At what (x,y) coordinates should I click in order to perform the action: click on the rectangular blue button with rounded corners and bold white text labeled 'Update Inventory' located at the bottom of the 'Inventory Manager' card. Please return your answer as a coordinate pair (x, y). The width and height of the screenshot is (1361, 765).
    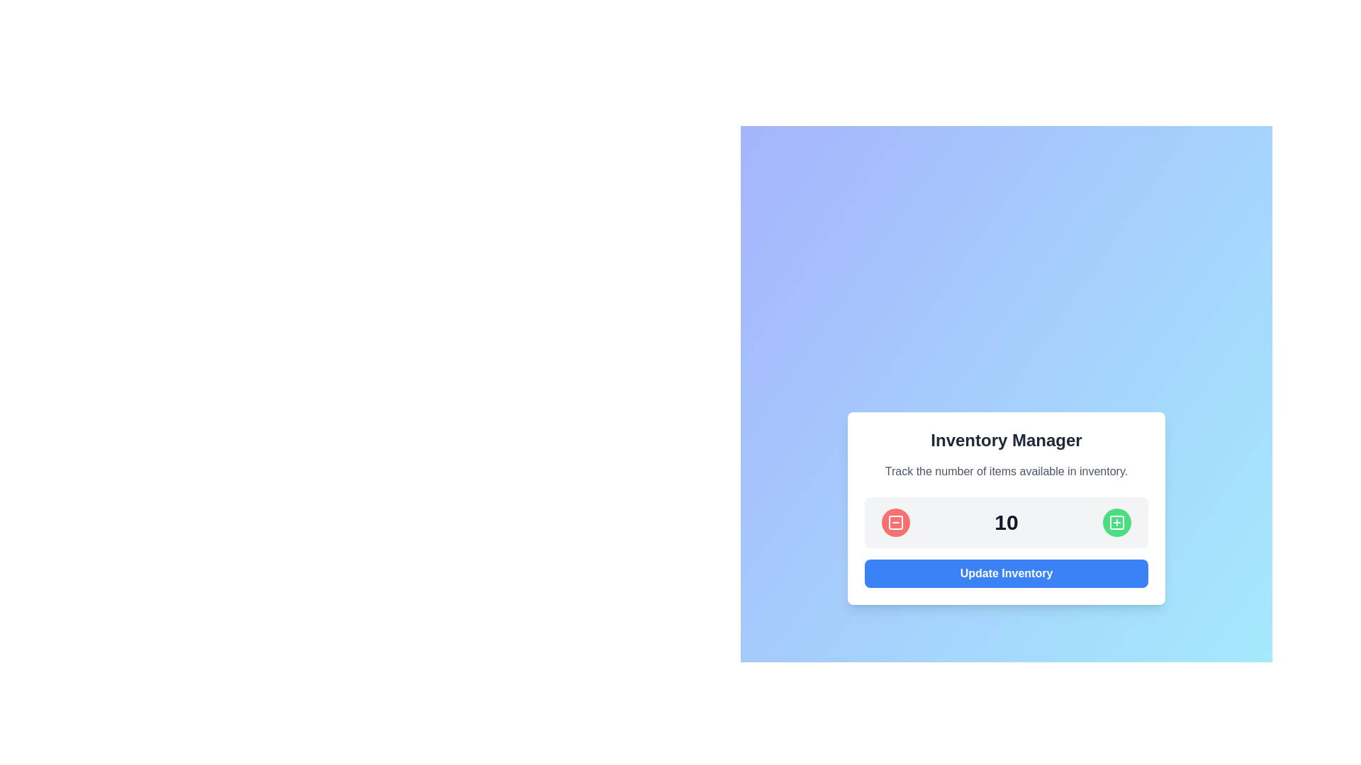
    Looking at the image, I should click on (1006, 574).